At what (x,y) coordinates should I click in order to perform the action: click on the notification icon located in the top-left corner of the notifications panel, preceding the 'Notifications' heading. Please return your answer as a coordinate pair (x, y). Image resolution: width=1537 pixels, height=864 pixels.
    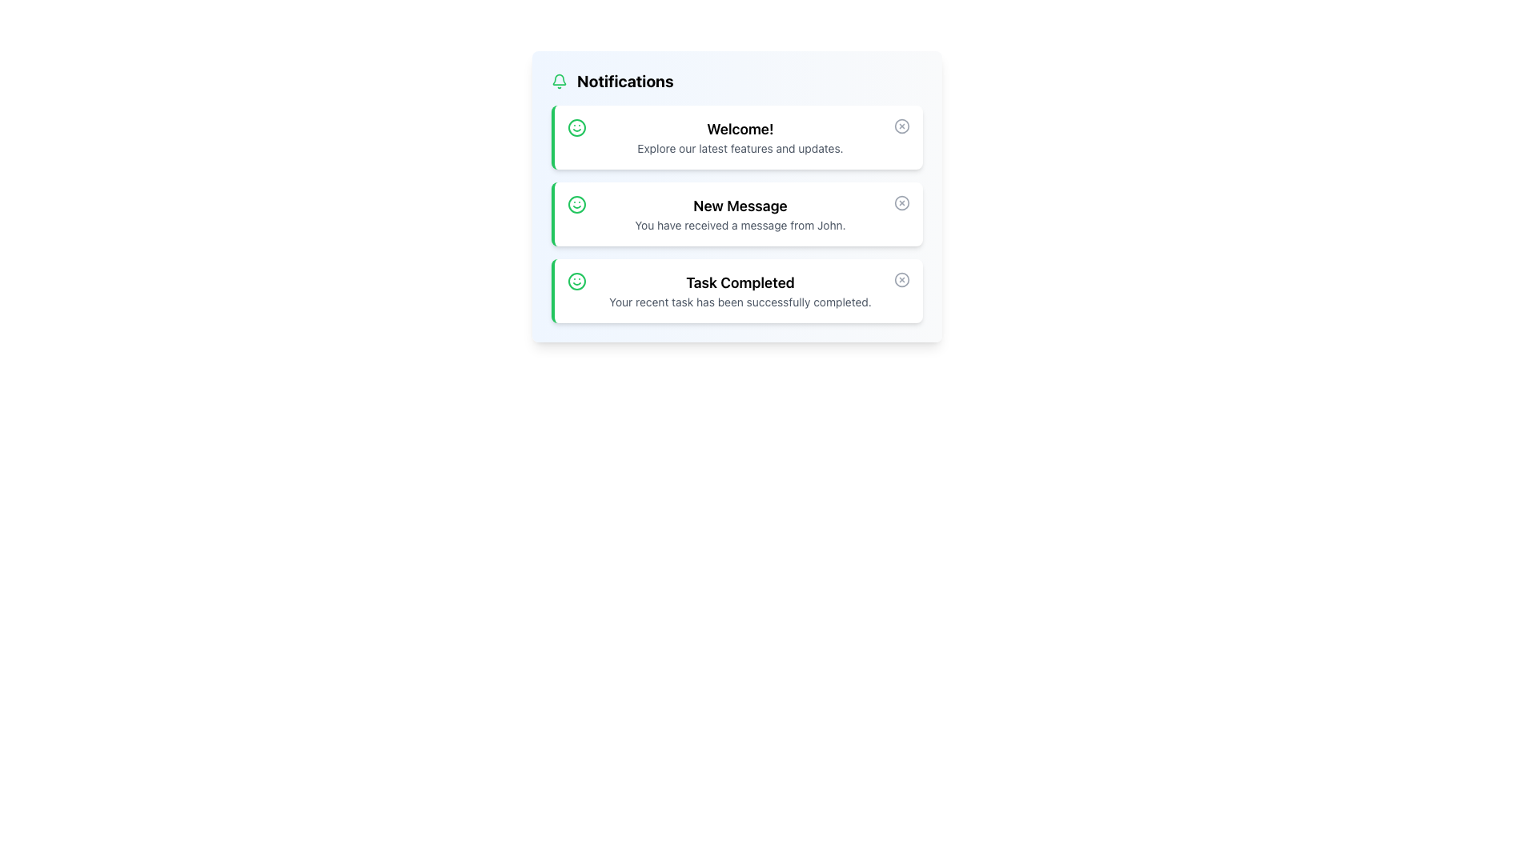
    Looking at the image, I should click on (560, 81).